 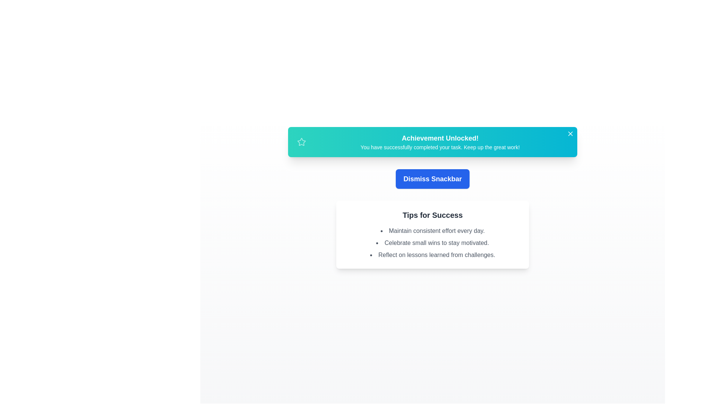 I want to click on star icon in the snackbar, so click(x=302, y=142).